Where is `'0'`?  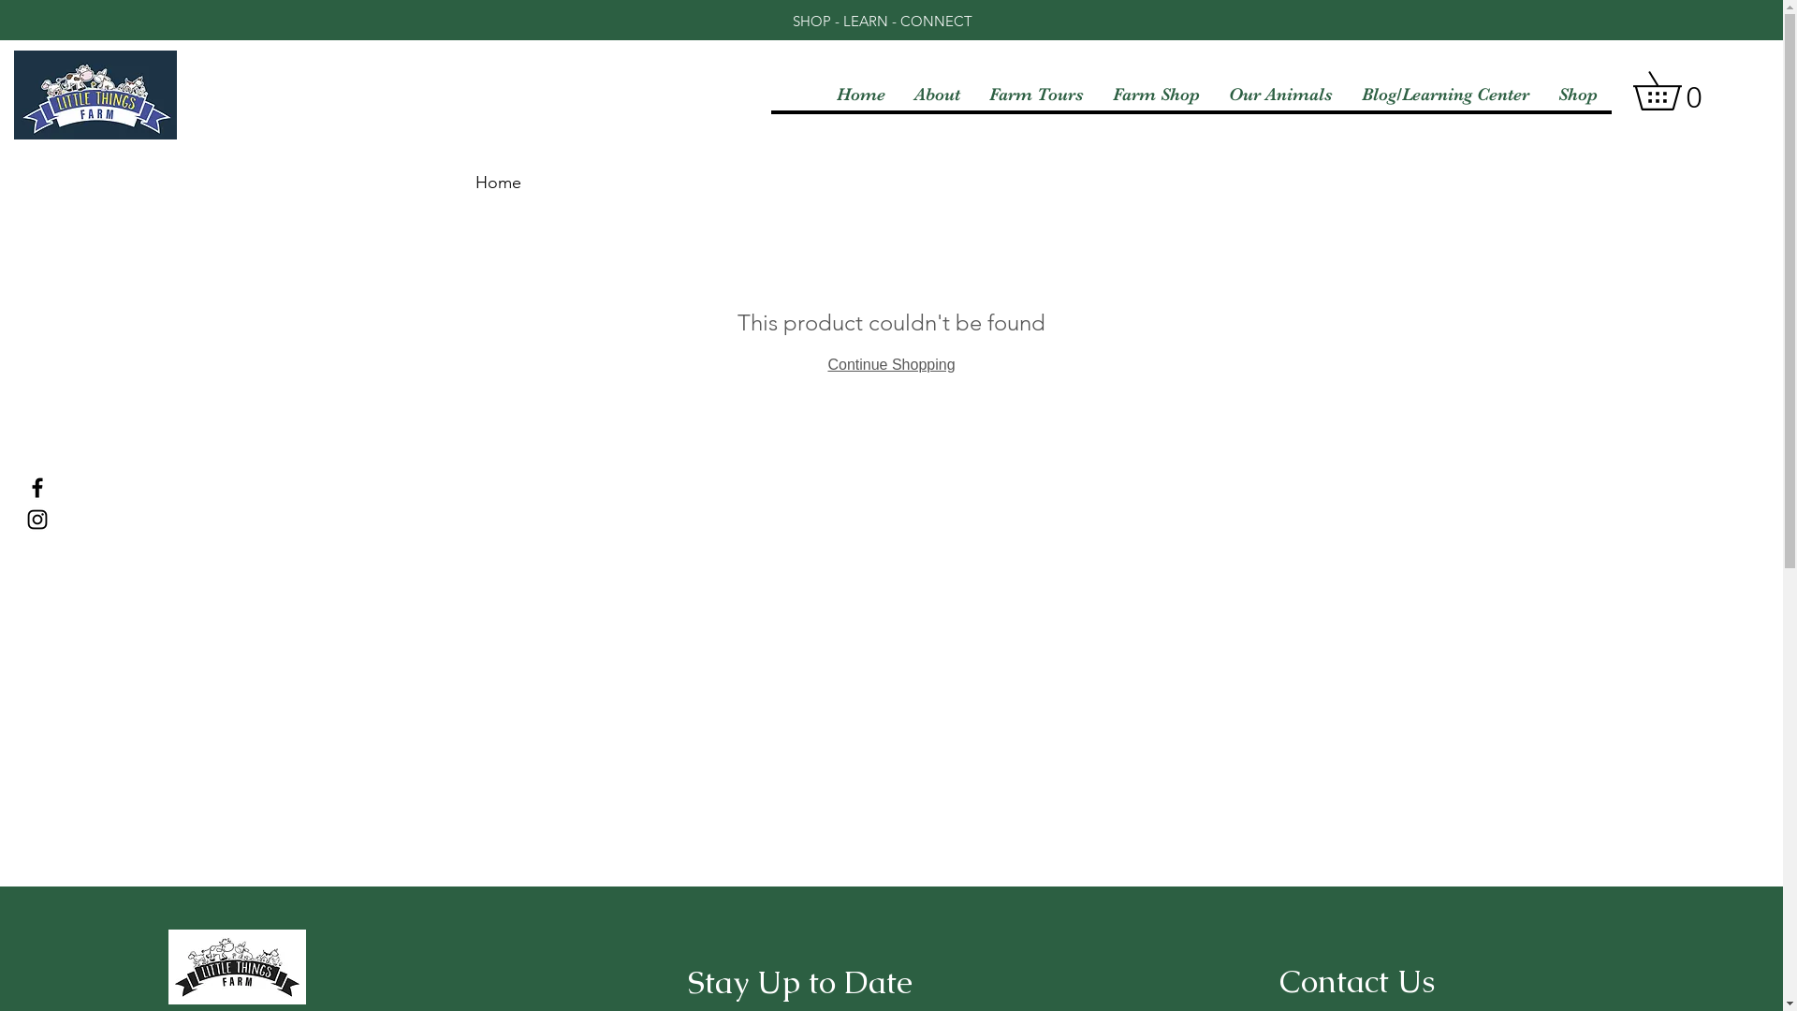
'0' is located at coordinates (1675, 90).